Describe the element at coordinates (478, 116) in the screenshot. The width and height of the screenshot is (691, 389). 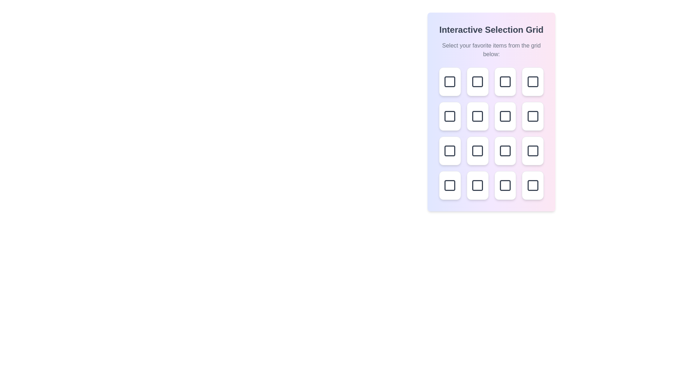
I see `the selectable option button located in the second row and third column of the grid layout` at that location.